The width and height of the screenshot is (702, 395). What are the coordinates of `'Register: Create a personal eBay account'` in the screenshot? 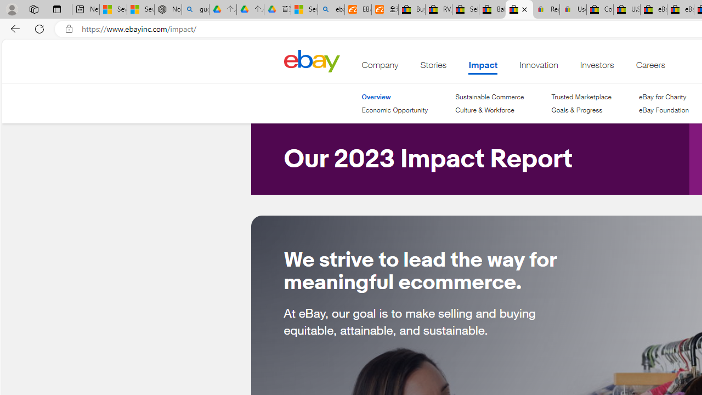 It's located at (546, 9).